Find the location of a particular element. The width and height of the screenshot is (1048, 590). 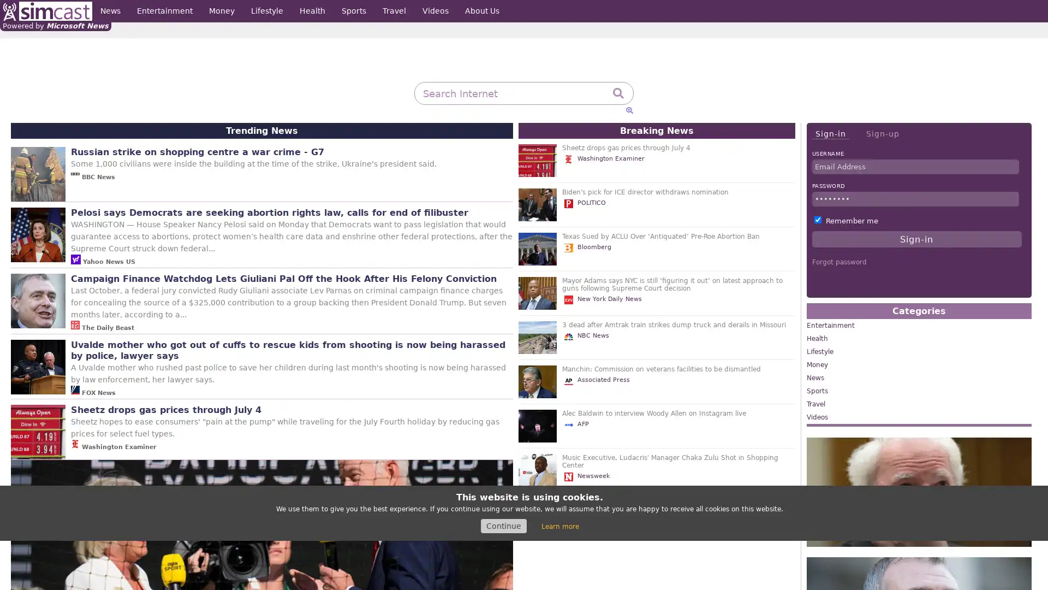

Sign-in is located at coordinates (830, 133).